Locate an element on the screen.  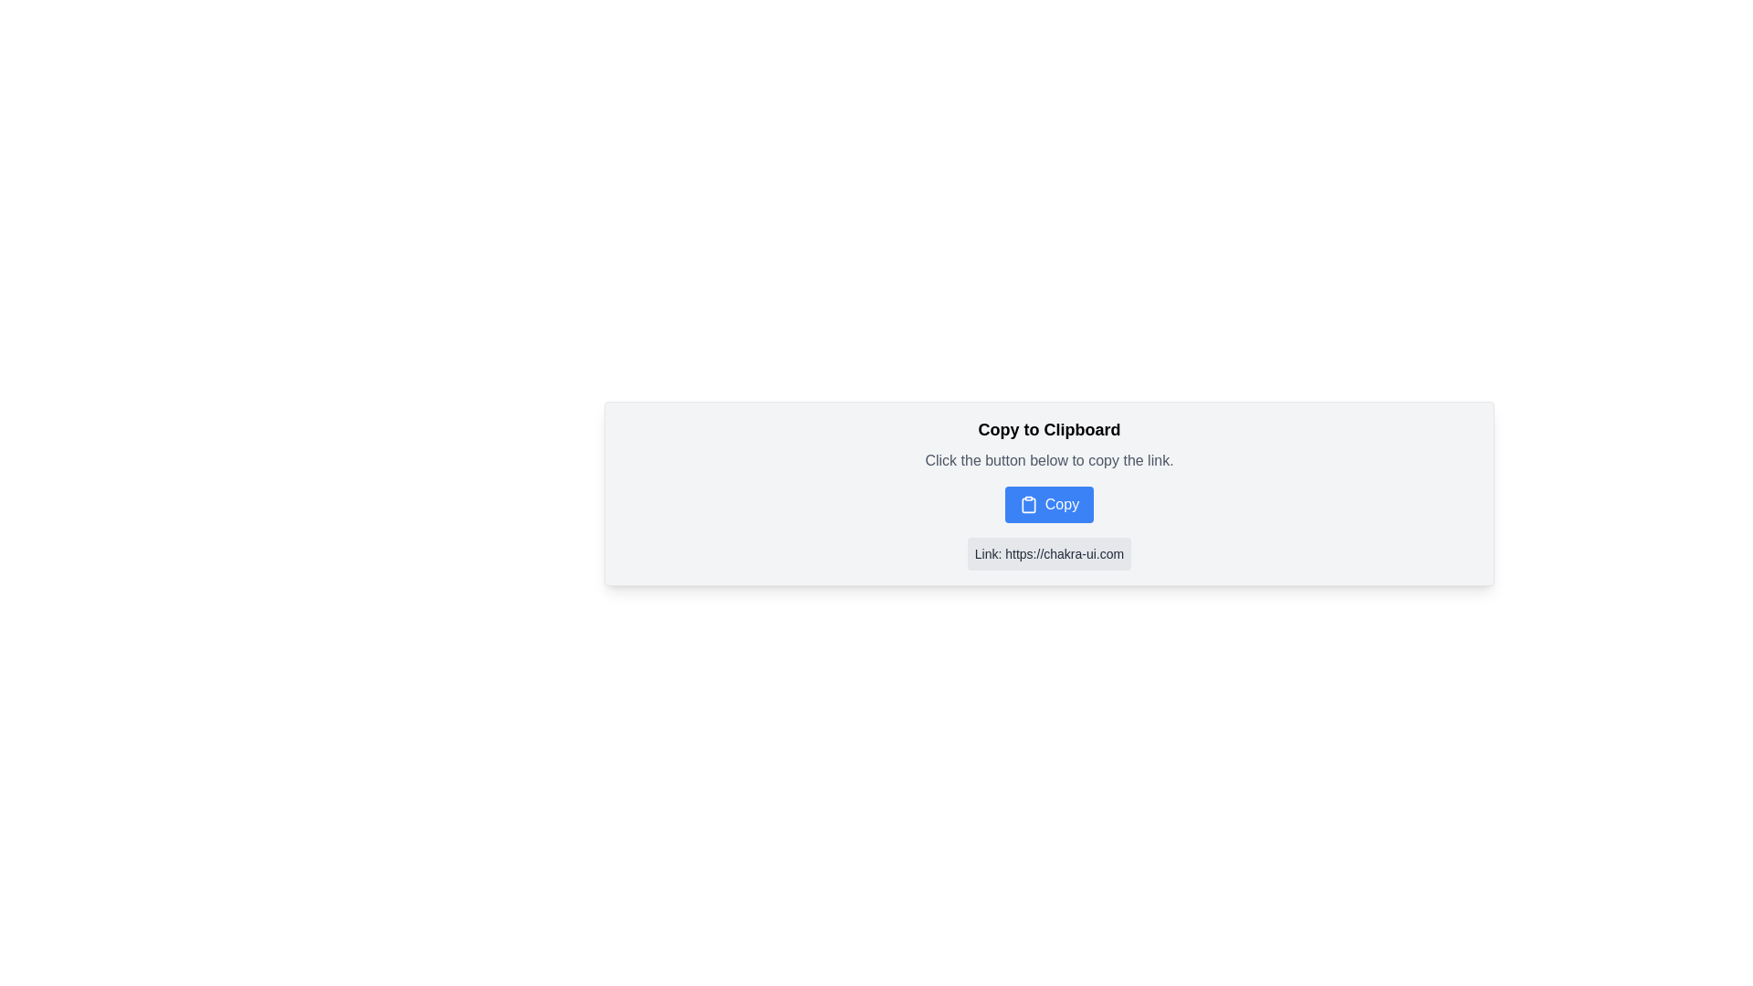
the 'Copy to Clipboard' button located below the title and instruction text, and above the link labeled 'Link: https://chakra-ui.com' to observe the hover effect is located at coordinates (1049, 504).